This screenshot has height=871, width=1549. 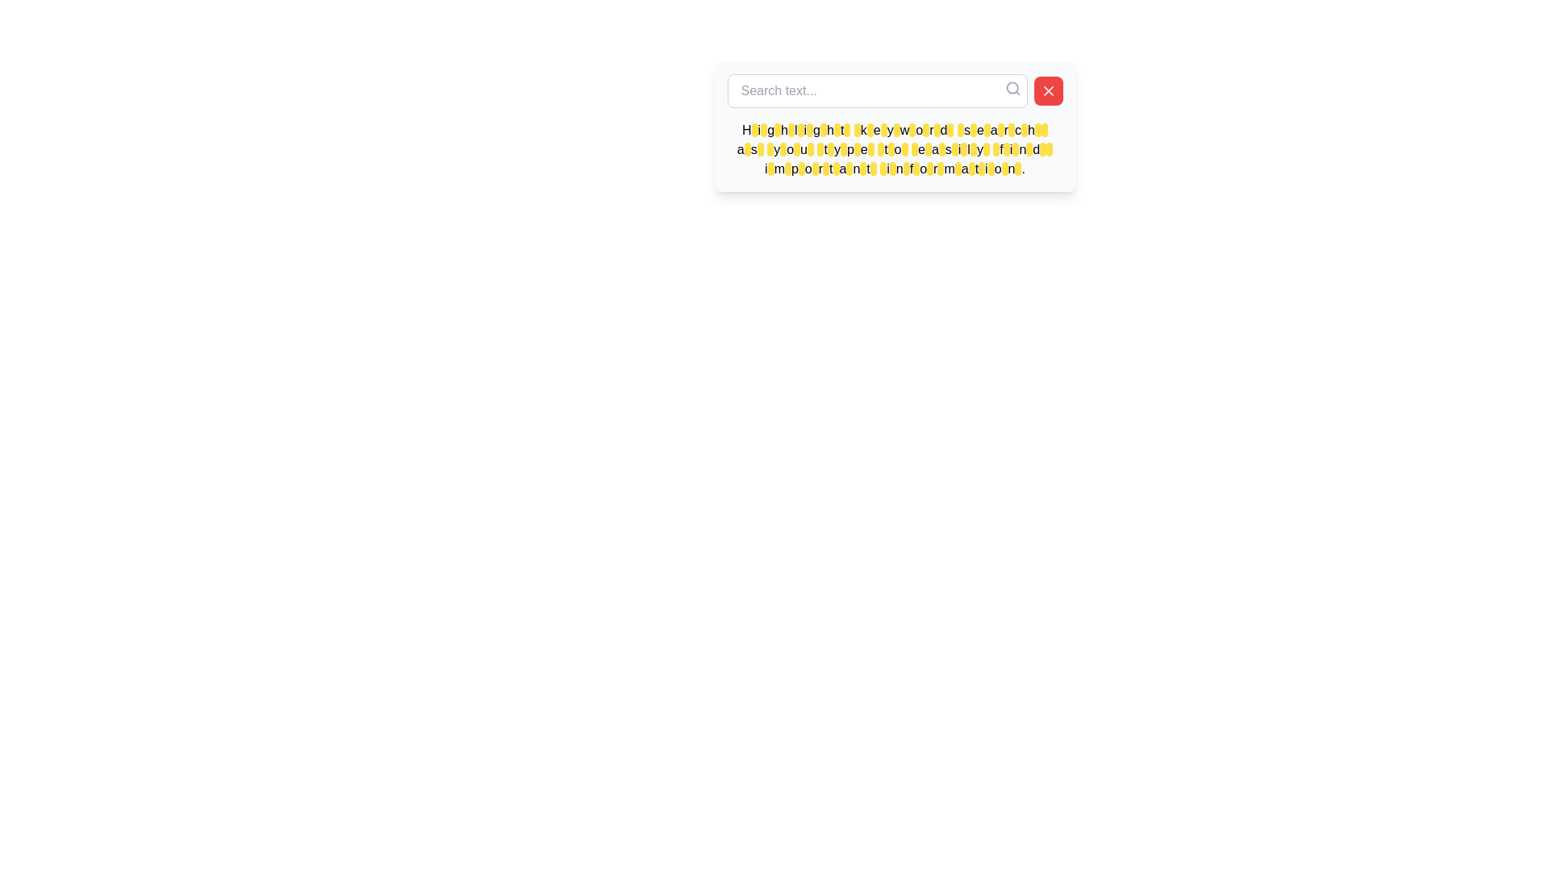 I want to click on the 16th Highlight Box element, which is a small rounded box with a yellow background and a black border in a pop-up interface, so click(x=937, y=129).